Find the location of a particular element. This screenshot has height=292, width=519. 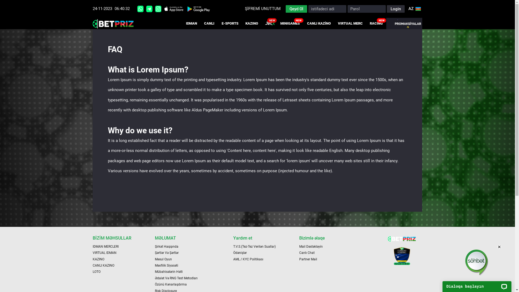

'VIRTUAL MERC' is located at coordinates (350, 23).